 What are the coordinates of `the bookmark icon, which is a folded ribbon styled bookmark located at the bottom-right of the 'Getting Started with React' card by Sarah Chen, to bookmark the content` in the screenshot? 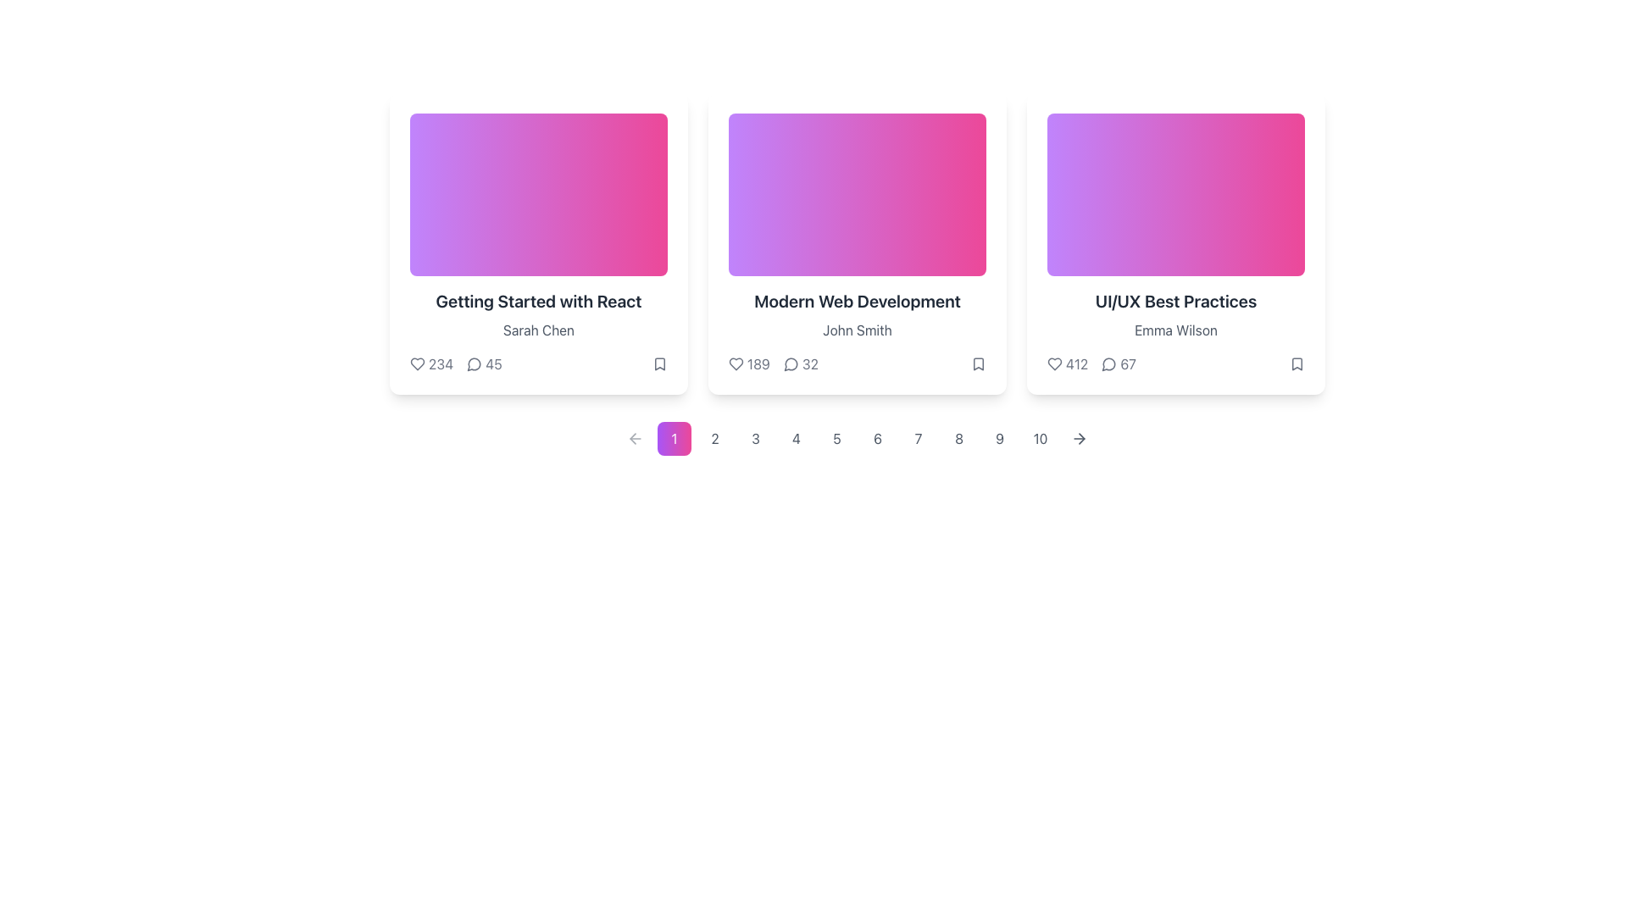 It's located at (658, 363).